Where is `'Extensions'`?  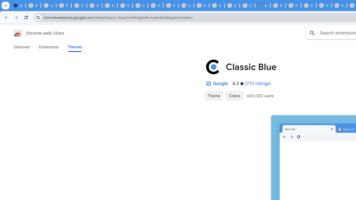
'Extensions' is located at coordinates (48, 47).